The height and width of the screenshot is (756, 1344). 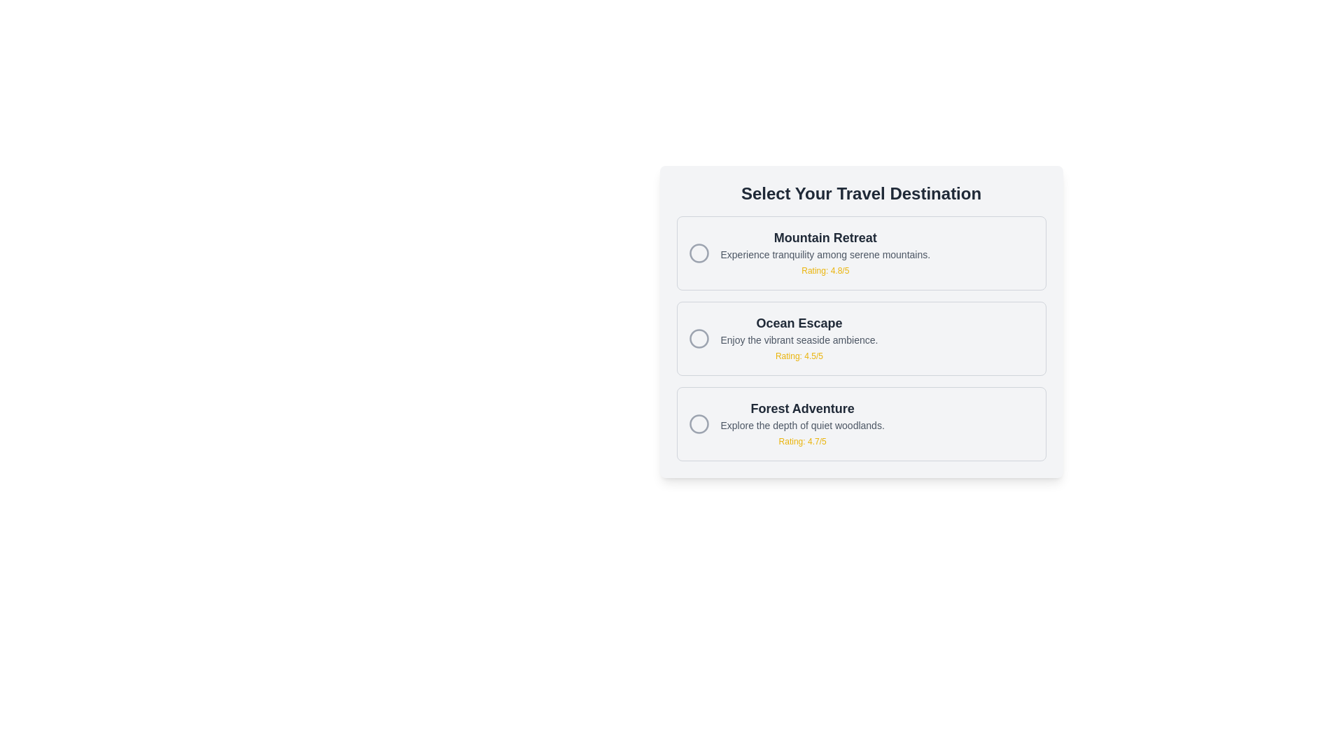 I want to click on the 'Ocean Escape' text label, which is a bold, large font title in dark gray color, part of the second travel option in the 'Select Your Travel Destination' list, so click(x=799, y=323).